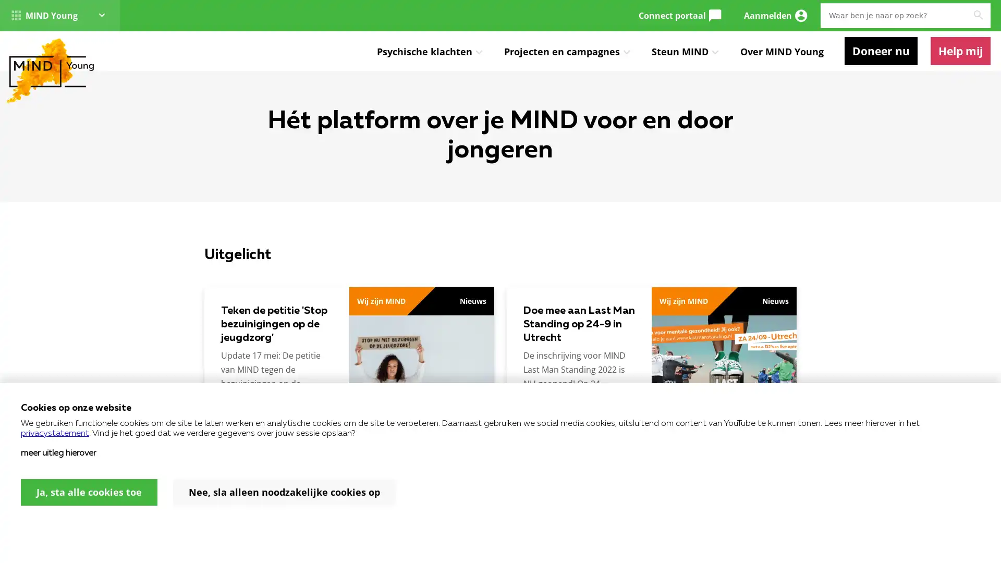 Image resolution: width=1001 pixels, height=563 pixels. I want to click on Ja, sta alle cookies toe, so click(89, 492).